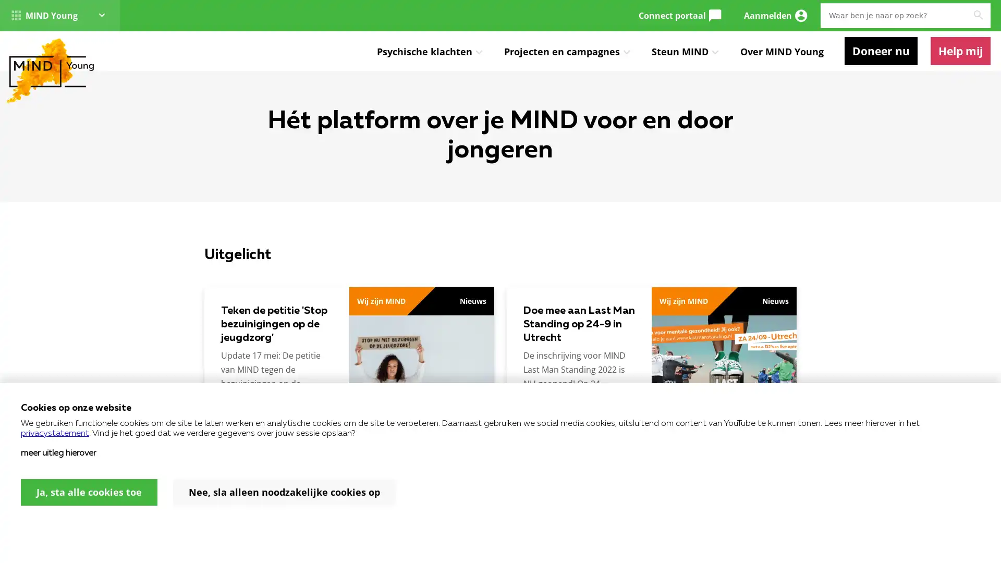 Image resolution: width=1001 pixels, height=563 pixels. I want to click on Ja, sta alle cookies toe, so click(89, 492).